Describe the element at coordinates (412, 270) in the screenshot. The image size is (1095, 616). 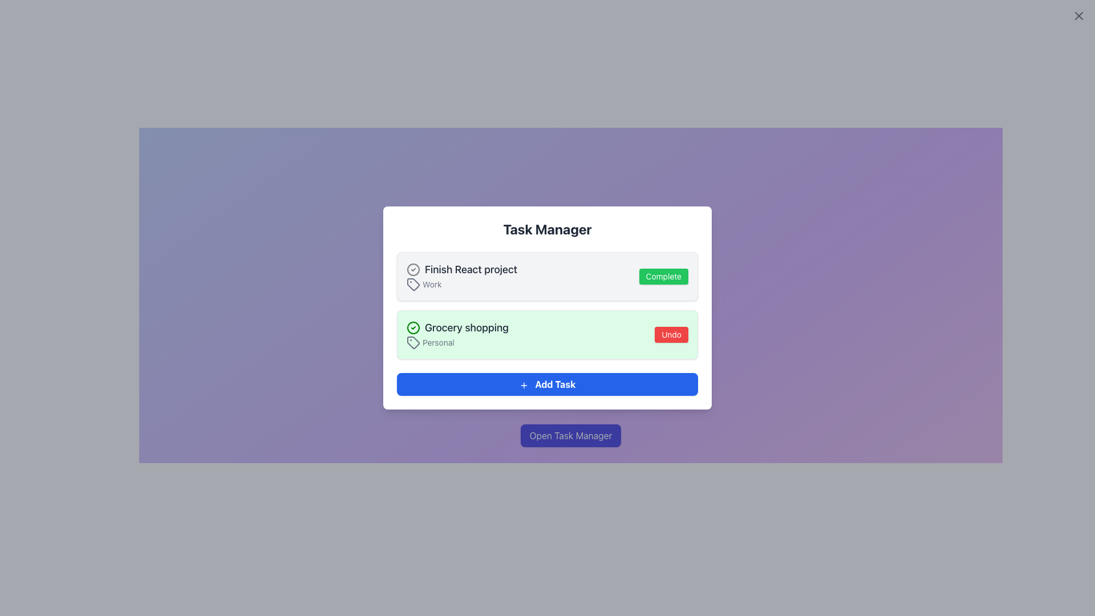
I see `the completion status by clicking on the circular gray check icon located to the left of the 'Finish React project' text in the task list` at that location.